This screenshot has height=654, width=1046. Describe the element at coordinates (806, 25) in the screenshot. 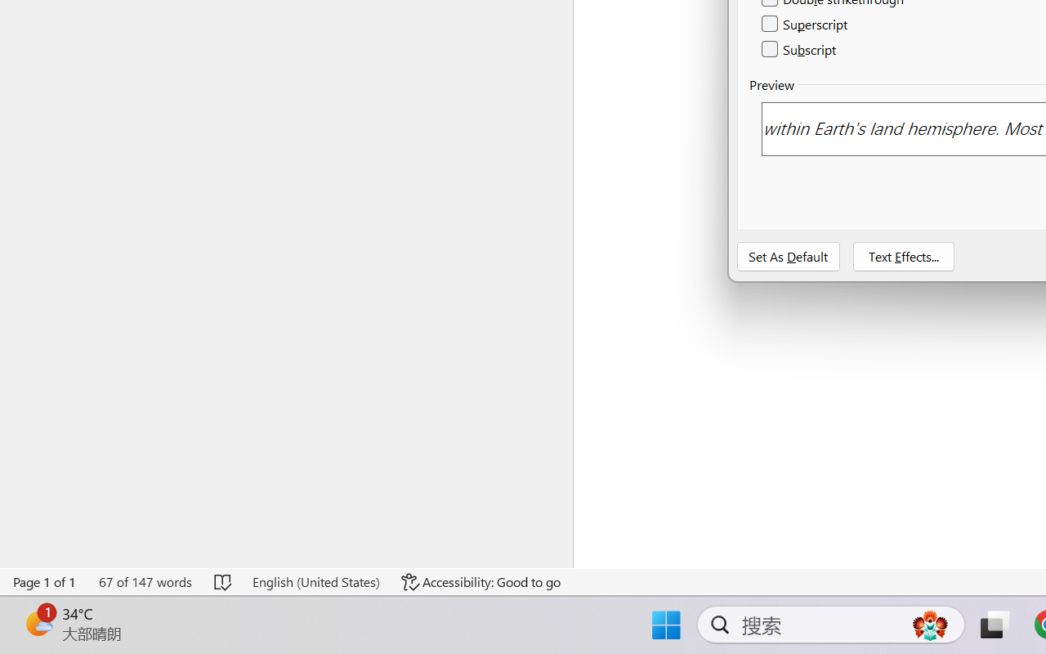

I see `'Superscript'` at that location.